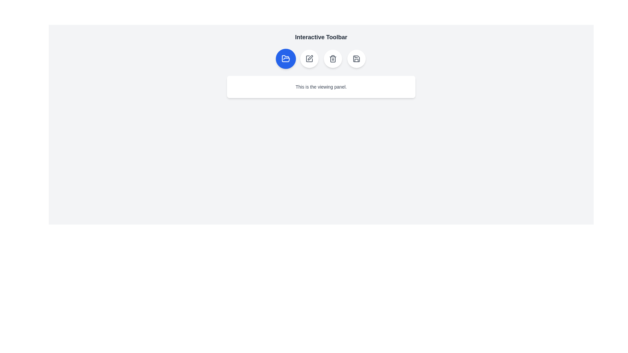  I want to click on the second icon from the left in the horizontal toolbar, which is a square button with a pen symbol indicating edit functionality, to initiate an editing action, so click(309, 59).